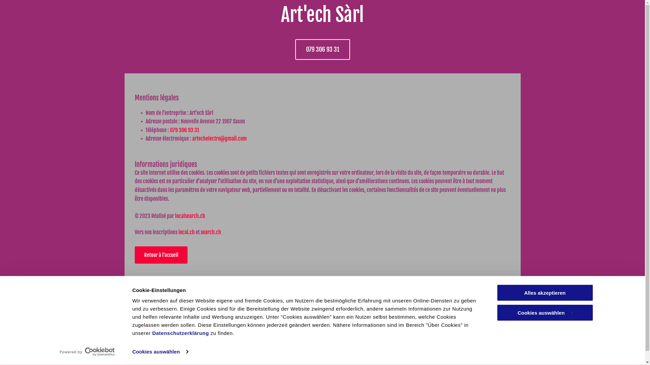  I want to click on 'search.ch', so click(210, 232).